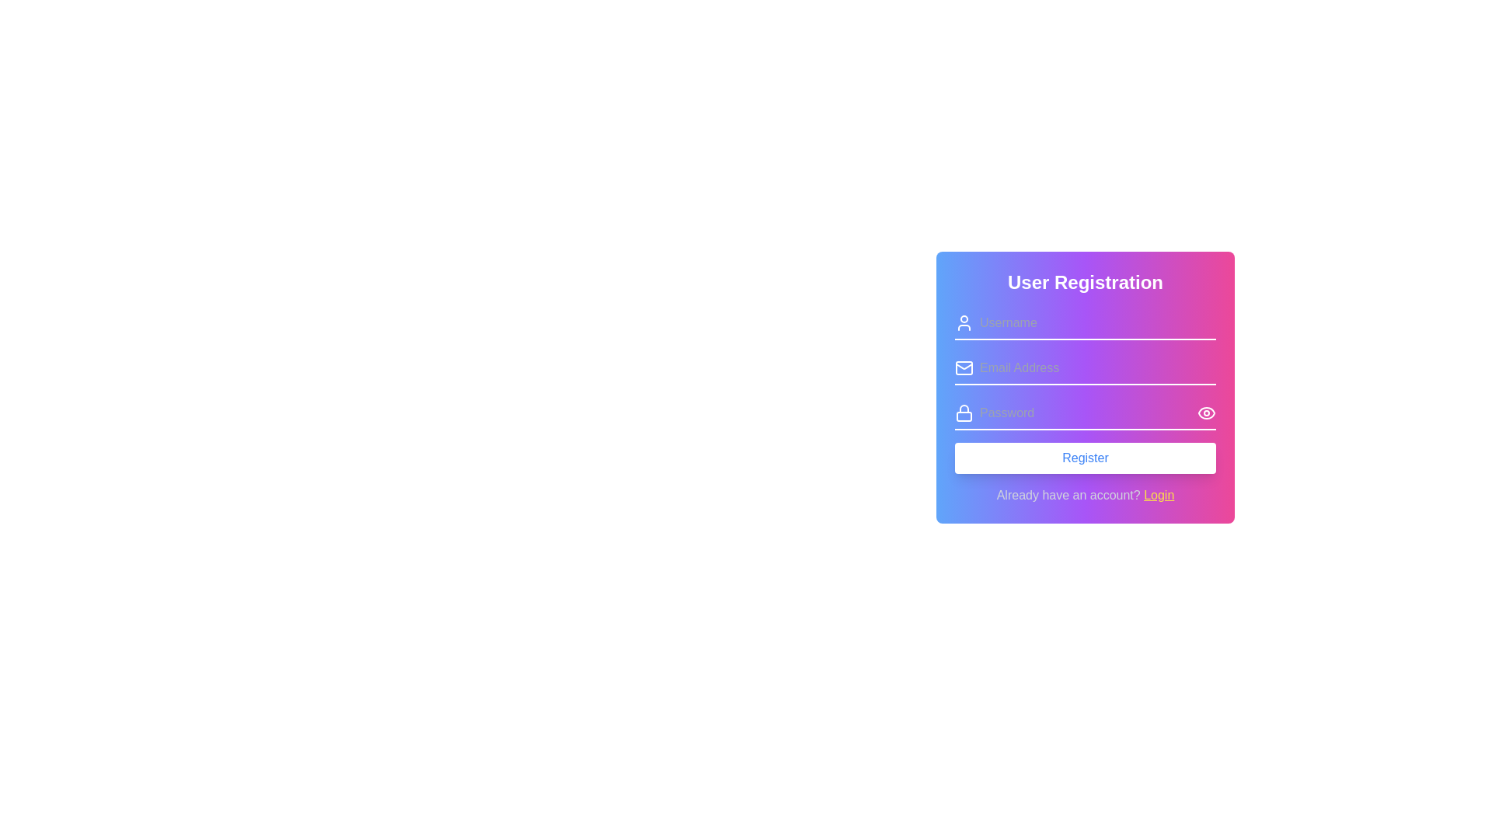 The height and width of the screenshot is (839, 1492). Describe the element at coordinates (1084, 282) in the screenshot. I see `the heading element at the top center of the registration form, which provides context for the form's purpose` at that location.